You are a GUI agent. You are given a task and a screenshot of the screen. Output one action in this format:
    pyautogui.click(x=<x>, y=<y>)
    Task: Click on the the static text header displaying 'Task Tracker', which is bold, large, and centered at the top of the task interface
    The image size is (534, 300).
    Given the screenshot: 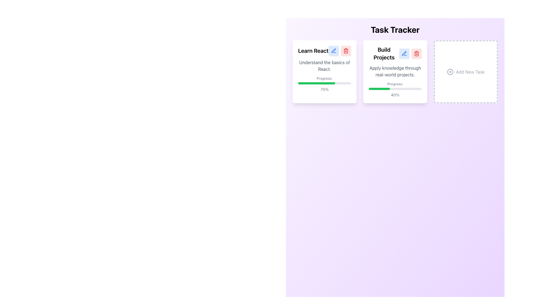 What is the action you would take?
    pyautogui.click(x=395, y=30)
    